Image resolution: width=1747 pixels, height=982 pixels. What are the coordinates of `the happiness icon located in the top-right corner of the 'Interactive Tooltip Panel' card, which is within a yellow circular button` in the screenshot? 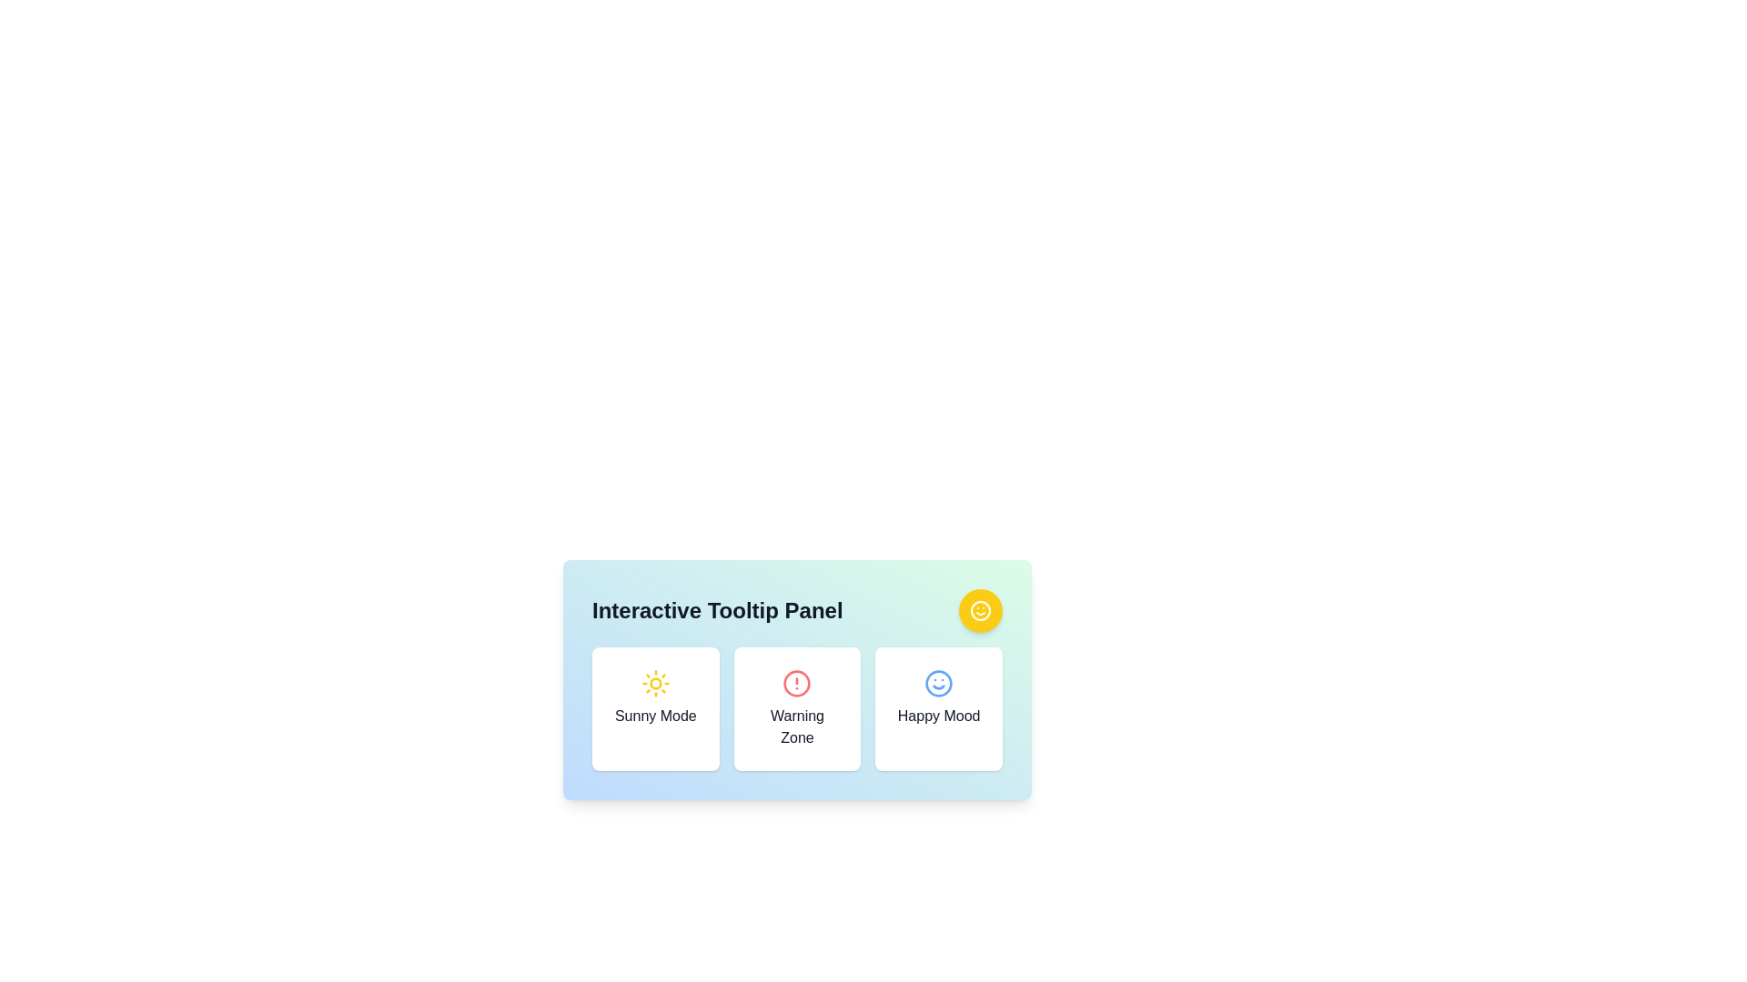 It's located at (980, 610).